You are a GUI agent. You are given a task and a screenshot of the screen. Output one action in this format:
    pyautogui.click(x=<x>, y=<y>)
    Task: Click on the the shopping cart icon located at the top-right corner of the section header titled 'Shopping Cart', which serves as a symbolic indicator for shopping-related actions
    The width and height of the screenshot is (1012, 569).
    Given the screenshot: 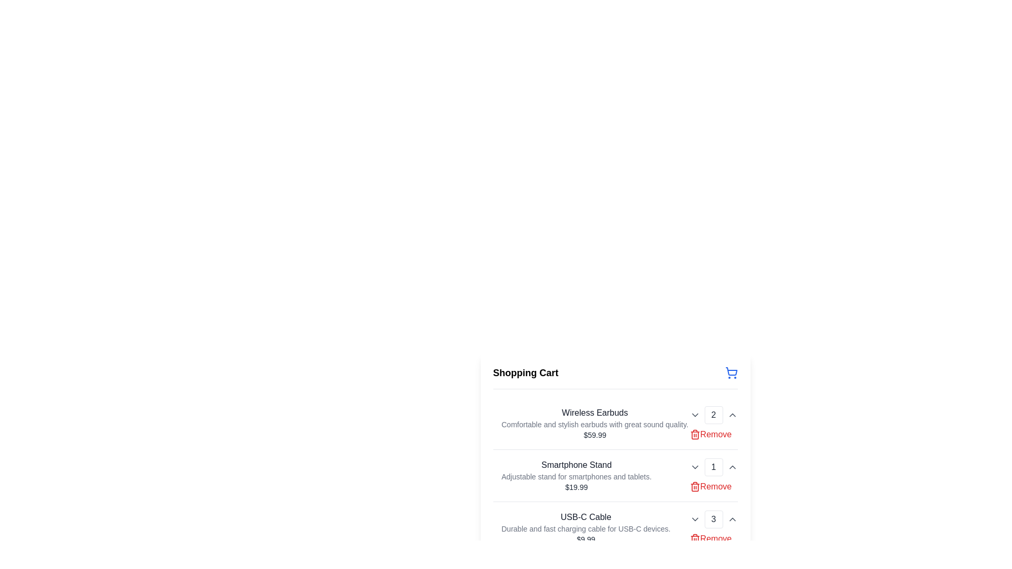 What is the action you would take?
    pyautogui.click(x=731, y=372)
    